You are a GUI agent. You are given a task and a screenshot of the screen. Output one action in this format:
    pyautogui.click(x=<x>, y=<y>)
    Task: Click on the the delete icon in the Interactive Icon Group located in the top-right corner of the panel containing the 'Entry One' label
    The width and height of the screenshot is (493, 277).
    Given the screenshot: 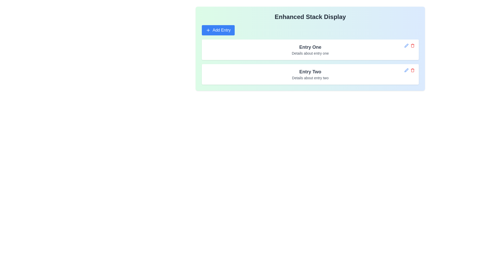 What is the action you would take?
    pyautogui.click(x=409, y=45)
    